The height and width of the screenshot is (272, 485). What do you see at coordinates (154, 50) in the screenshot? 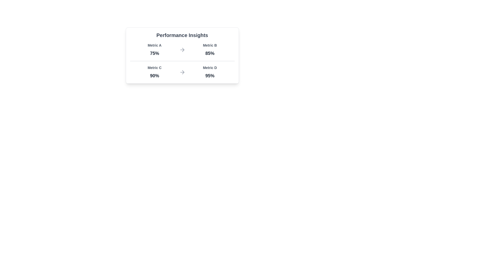
I see `the Data Display element labeled 'Metric A' which shows the value '75%' in the upper left corner of the comparison grid` at bounding box center [154, 50].